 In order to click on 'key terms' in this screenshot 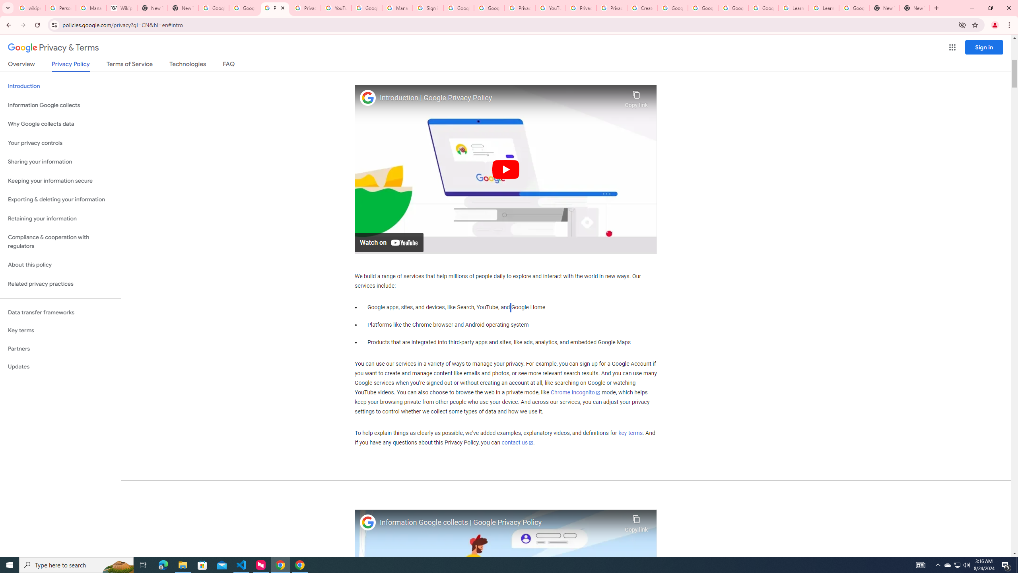, I will do `click(629, 433)`.